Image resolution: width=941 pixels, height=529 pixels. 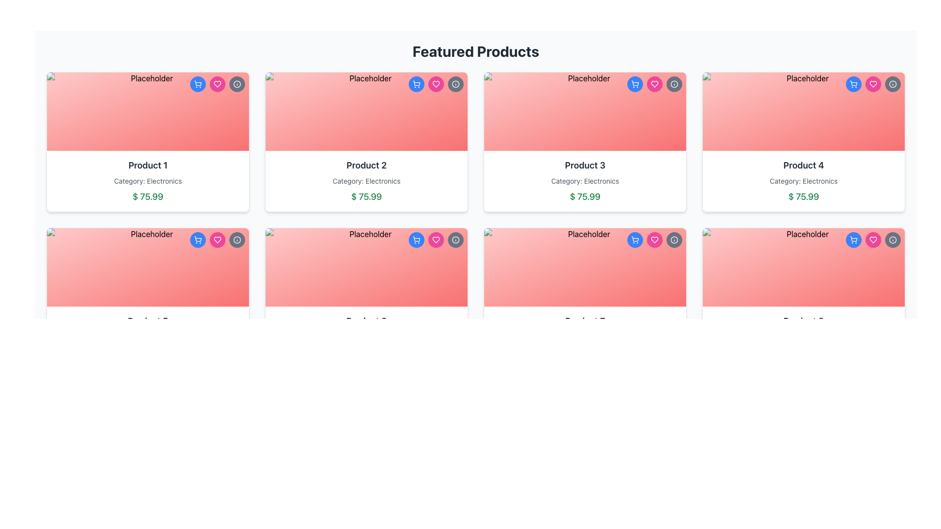 What do you see at coordinates (435, 240) in the screenshot?
I see `the pink circular button with a white heart icon located in the top-right corner of the product card to mark it as favorite` at bounding box center [435, 240].